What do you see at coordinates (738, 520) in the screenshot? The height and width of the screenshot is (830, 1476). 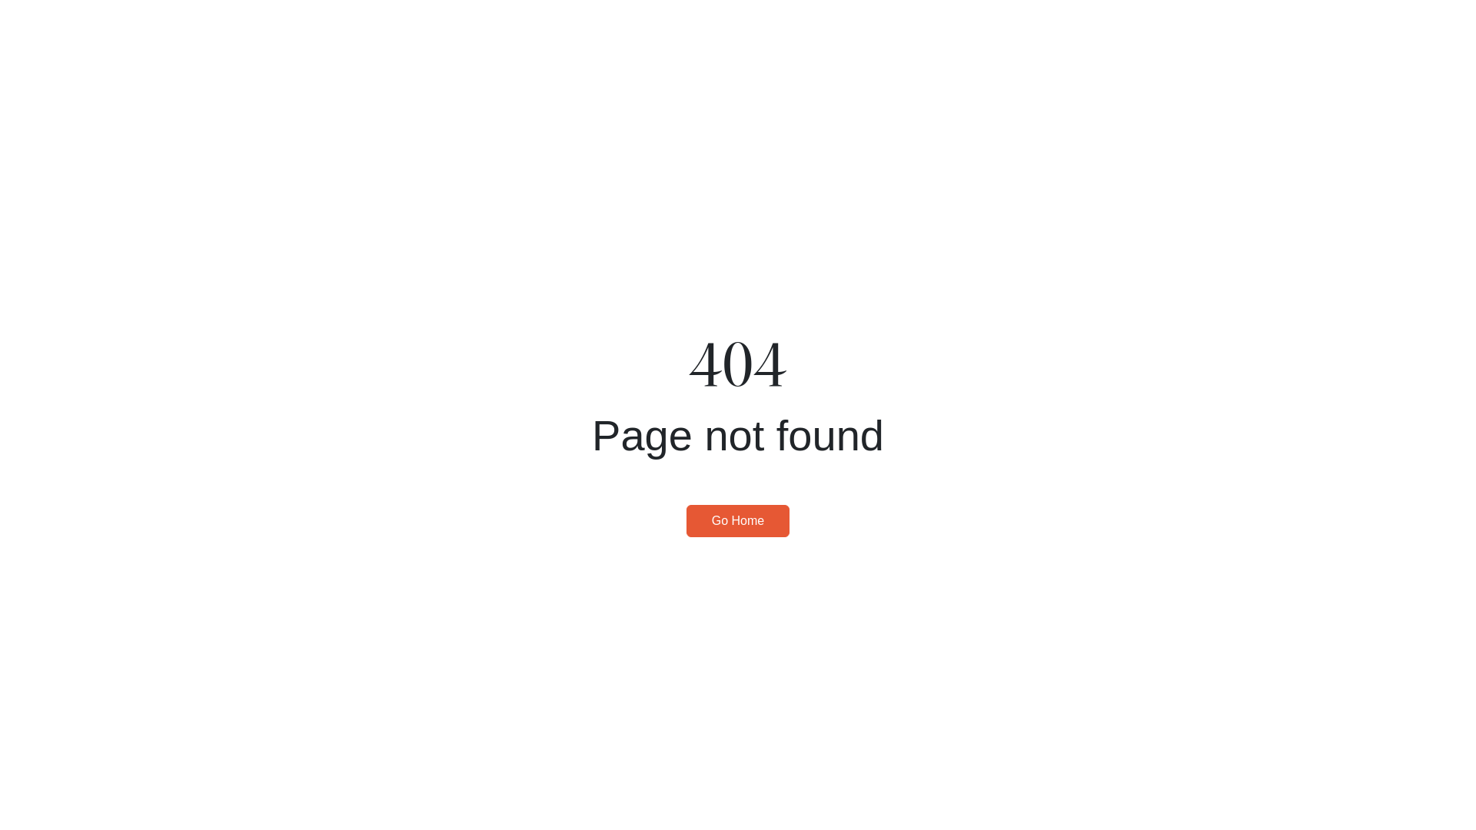 I see `'Go Home'` at bounding box center [738, 520].